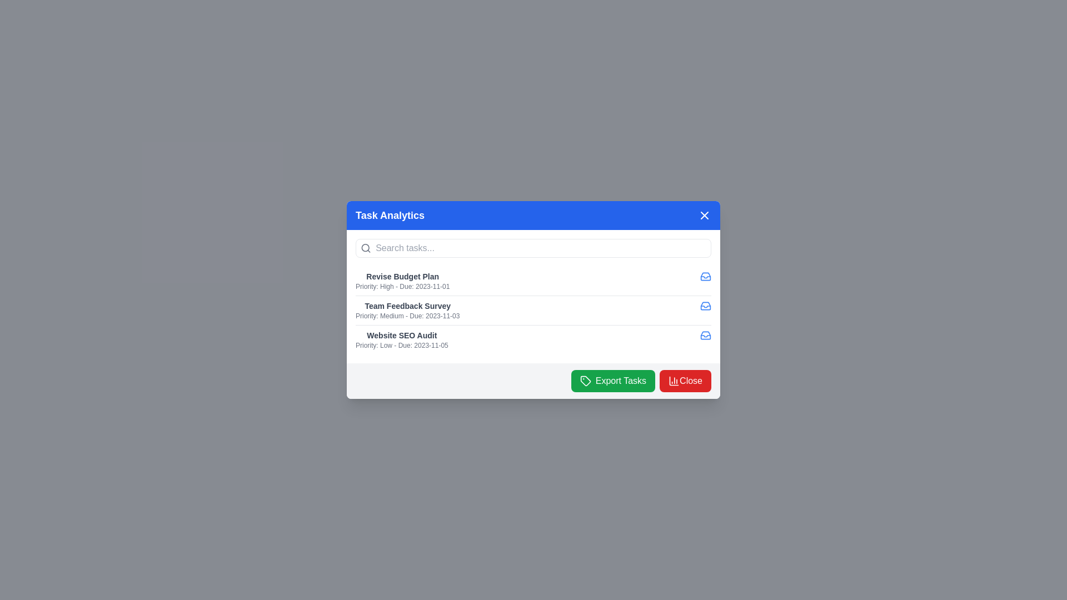 The width and height of the screenshot is (1067, 600). I want to click on the text label that identifies the task 'Revise Budget Plan' located at the top of the first task card in the 'Task Analytics' interface, so click(402, 276).